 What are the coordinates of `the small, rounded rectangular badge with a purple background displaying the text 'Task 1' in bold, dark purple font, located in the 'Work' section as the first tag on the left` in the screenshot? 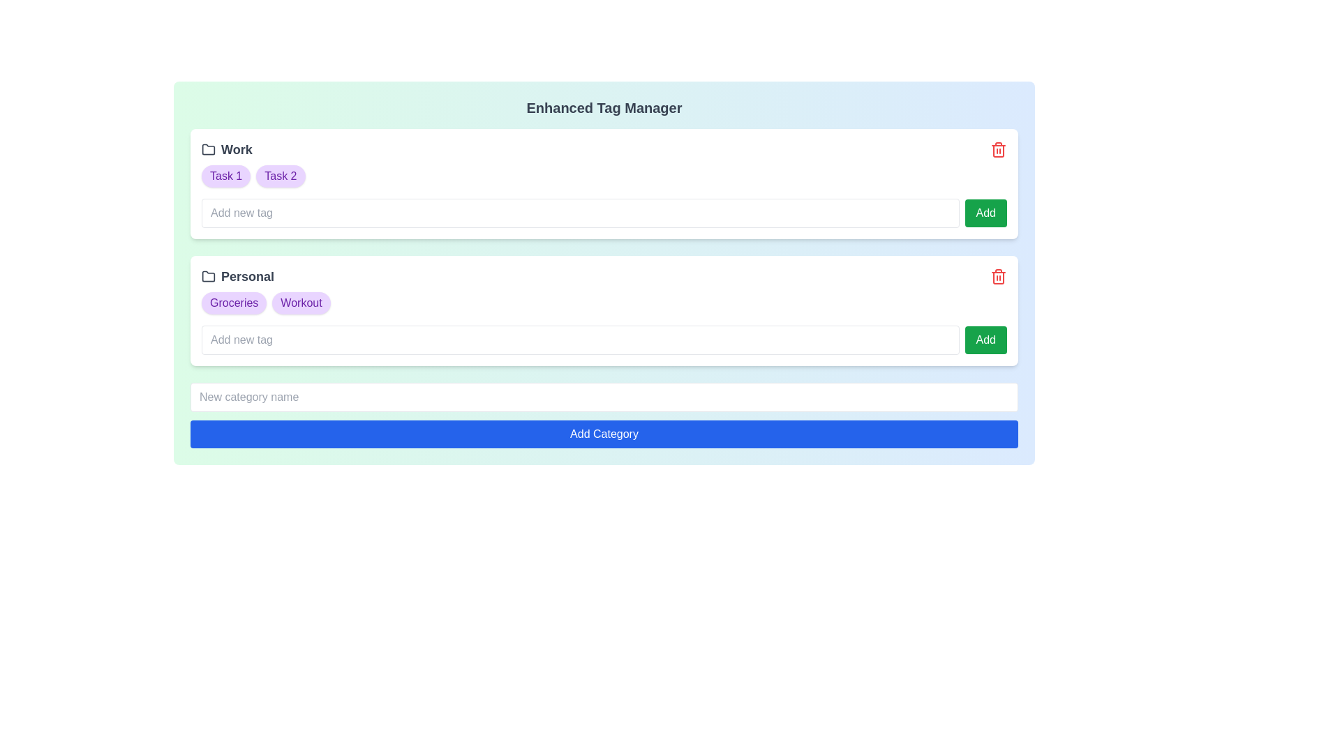 It's located at (226, 176).